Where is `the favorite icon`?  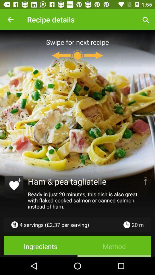 the favorite icon is located at coordinates (14, 186).